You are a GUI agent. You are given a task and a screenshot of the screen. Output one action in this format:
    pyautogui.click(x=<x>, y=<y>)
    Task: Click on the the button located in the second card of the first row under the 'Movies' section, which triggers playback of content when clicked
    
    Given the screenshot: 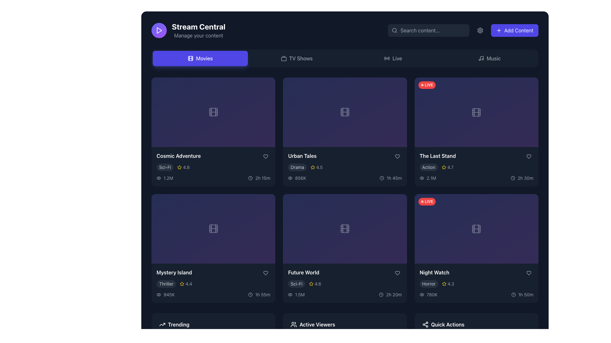 What is the action you would take?
    pyautogui.click(x=213, y=137)
    